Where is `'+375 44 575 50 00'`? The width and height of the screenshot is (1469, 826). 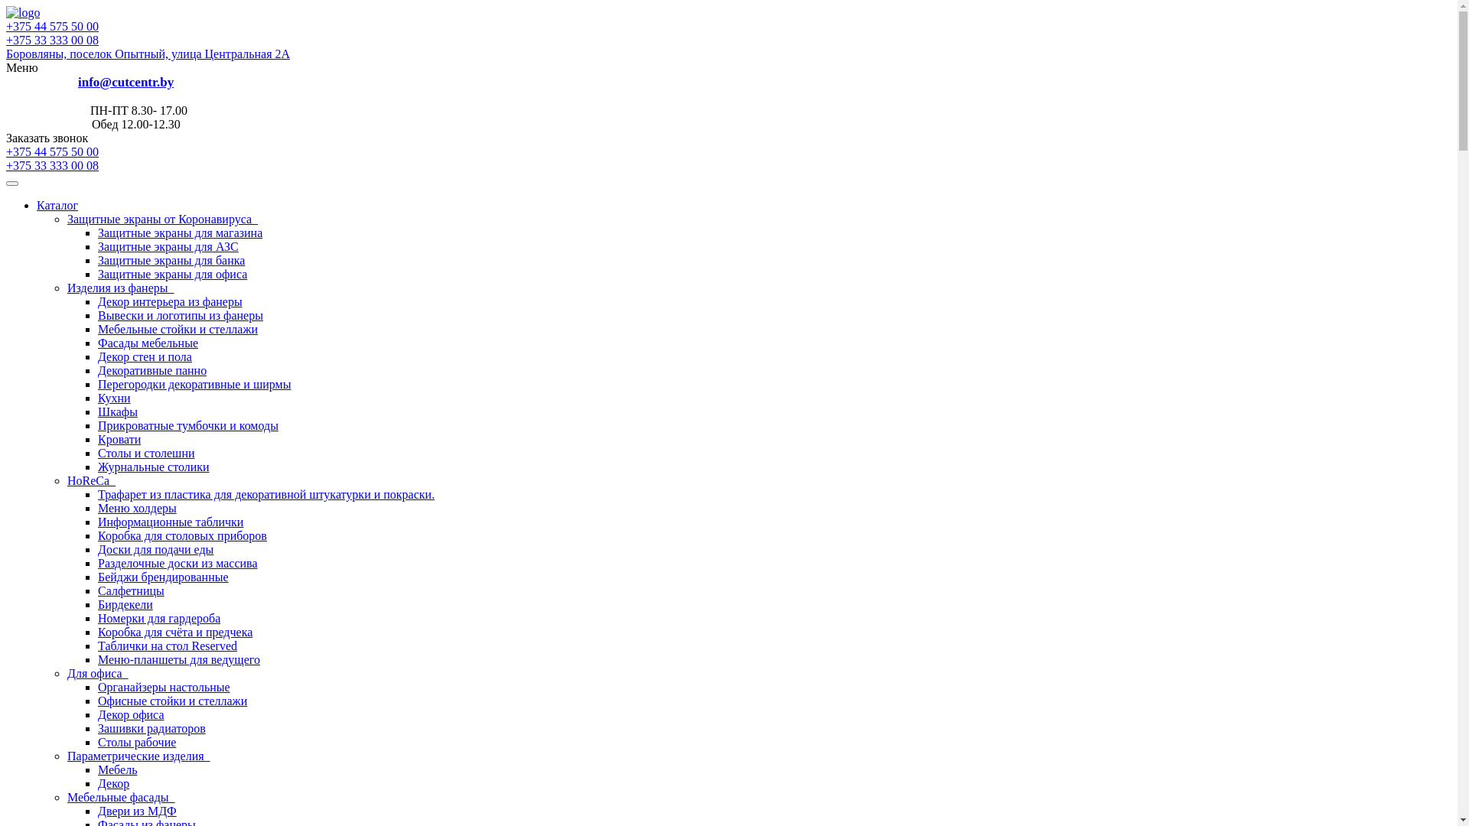 '+375 44 575 50 00' is located at coordinates (6, 26).